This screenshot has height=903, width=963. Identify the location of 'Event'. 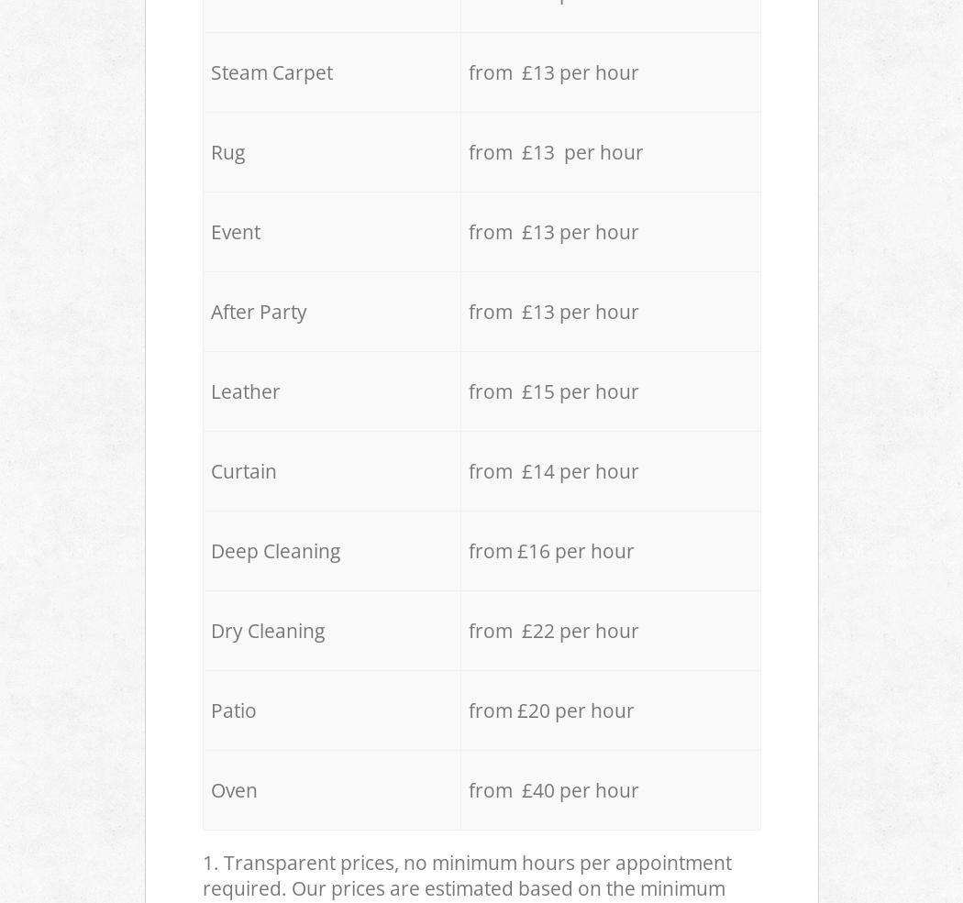
(234, 229).